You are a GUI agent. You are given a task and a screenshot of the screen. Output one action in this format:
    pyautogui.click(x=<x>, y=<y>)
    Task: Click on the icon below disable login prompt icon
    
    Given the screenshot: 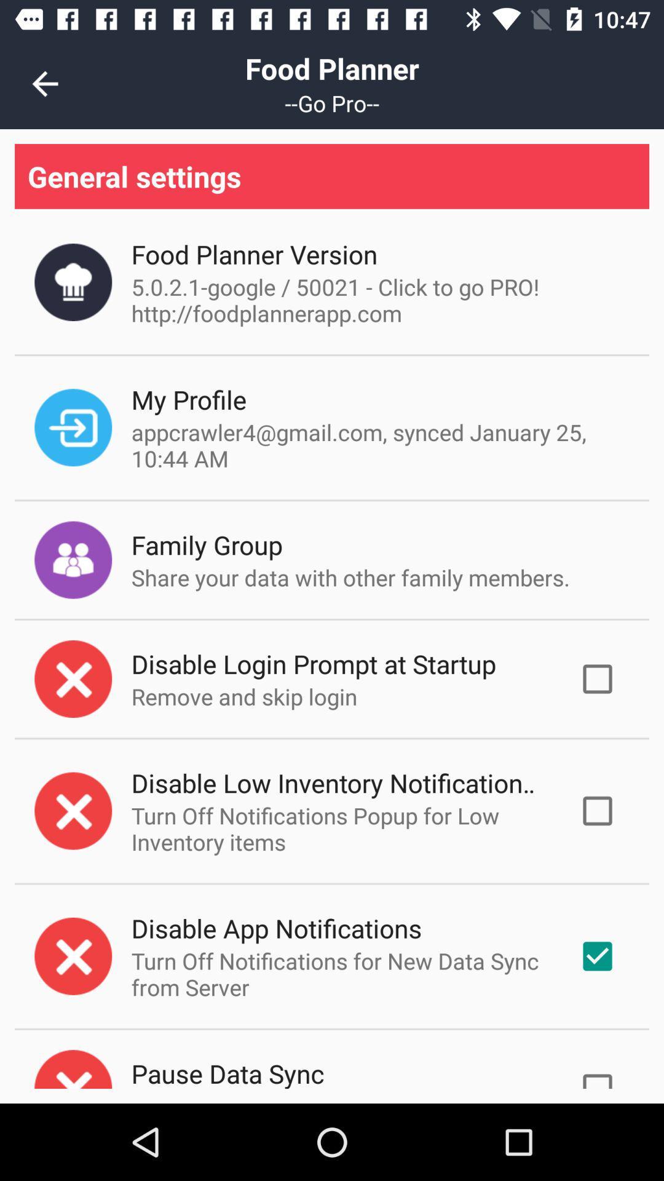 What is the action you would take?
    pyautogui.click(x=244, y=696)
    